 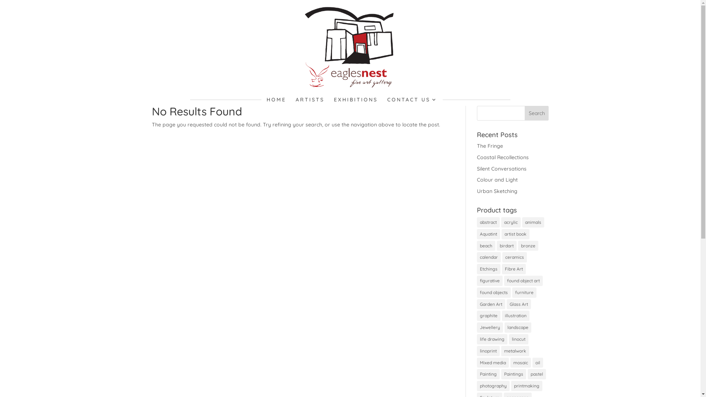 I want to click on 'birdart', so click(x=506, y=246).